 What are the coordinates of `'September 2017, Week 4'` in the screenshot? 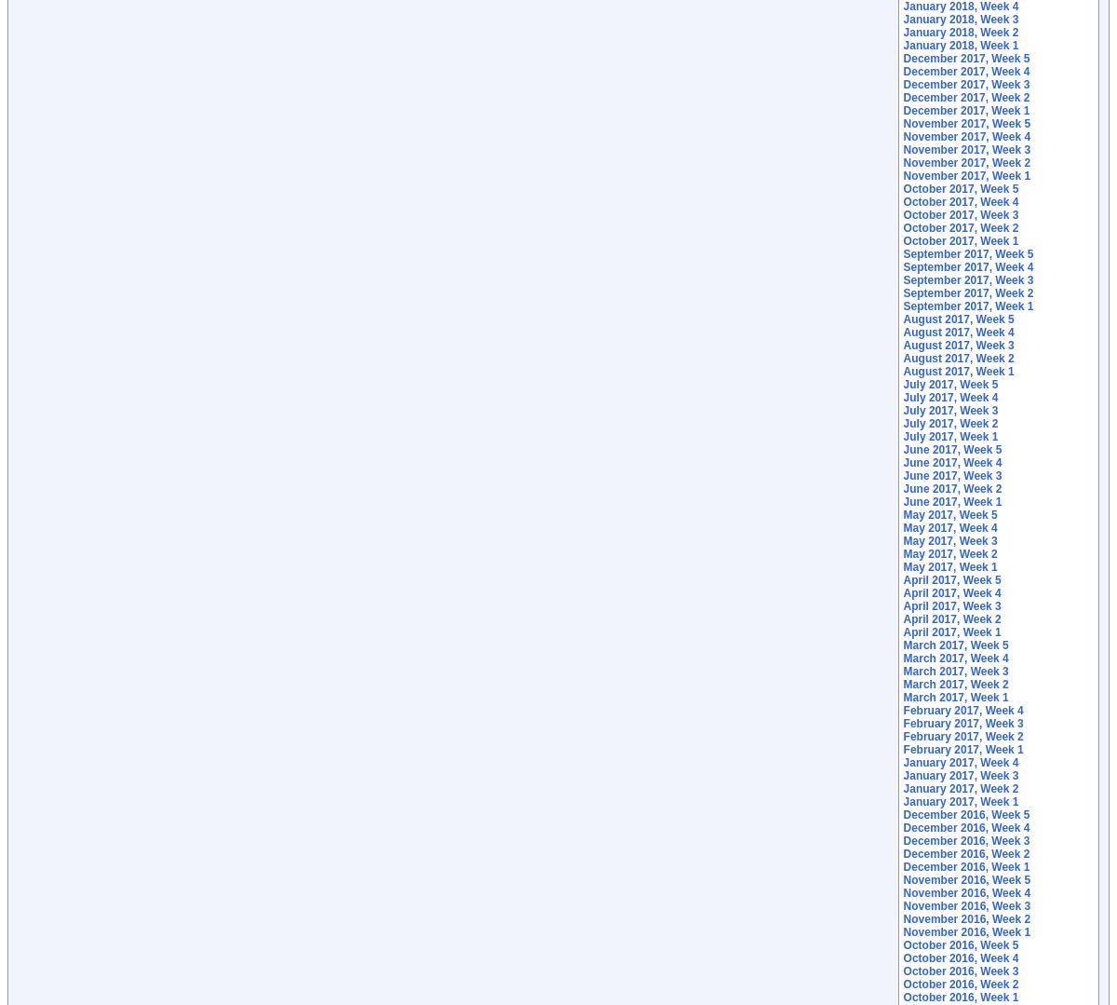 It's located at (968, 267).